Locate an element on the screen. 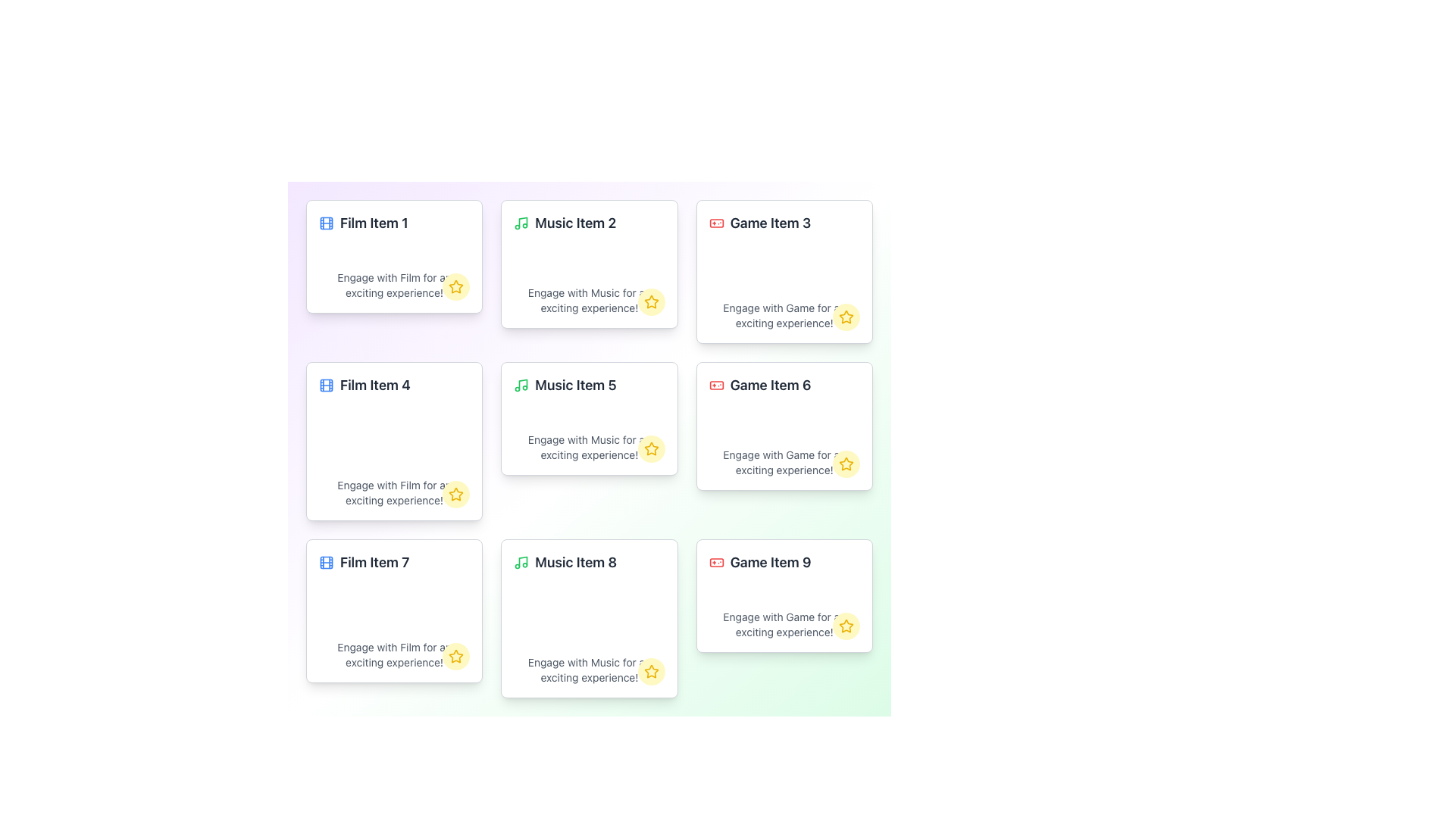 This screenshot has height=818, width=1455. the Text Label titled 'Music Item 2' which is located in the second card of the first row in a grid layout is located at coordinates (574, 223).